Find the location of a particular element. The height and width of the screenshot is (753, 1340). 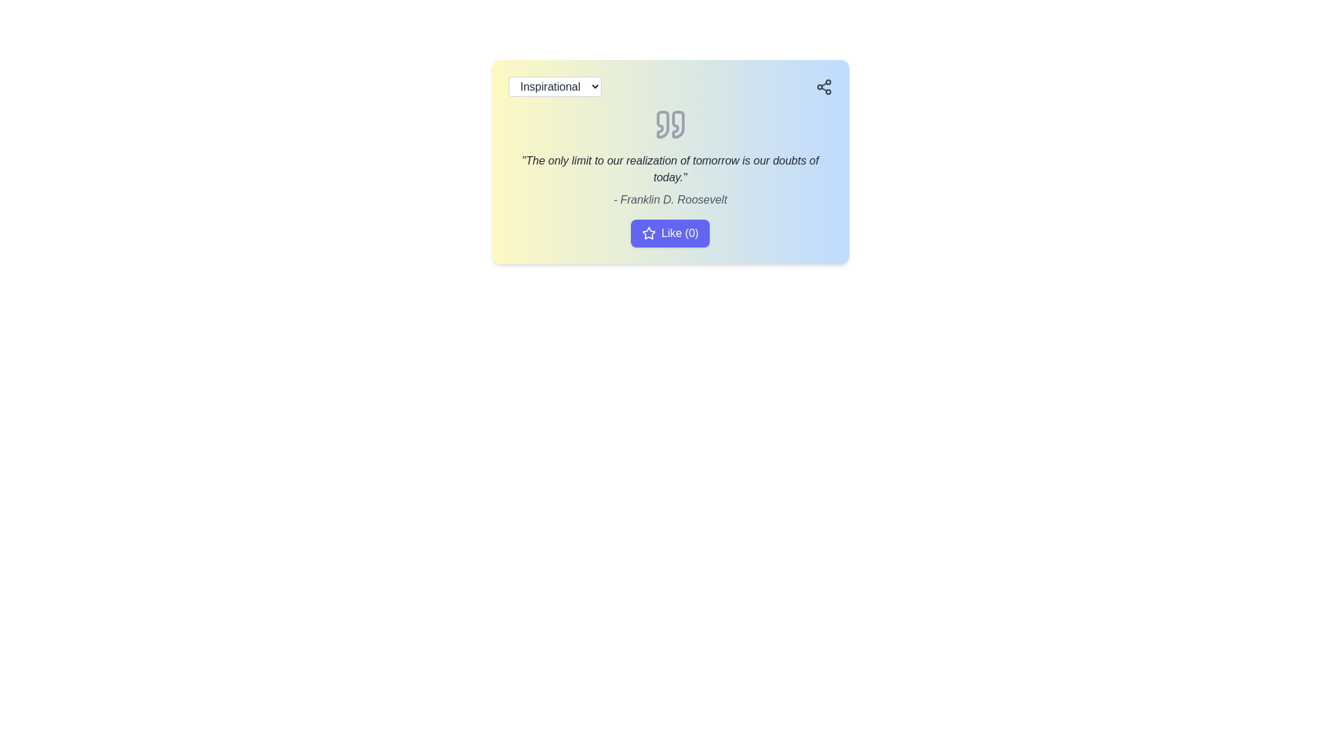

the button with a blue background, rounded corners, labeled 'Like (0)' with a star icon, located at the bottom center of the card layout is located at coordinates (670, 233).